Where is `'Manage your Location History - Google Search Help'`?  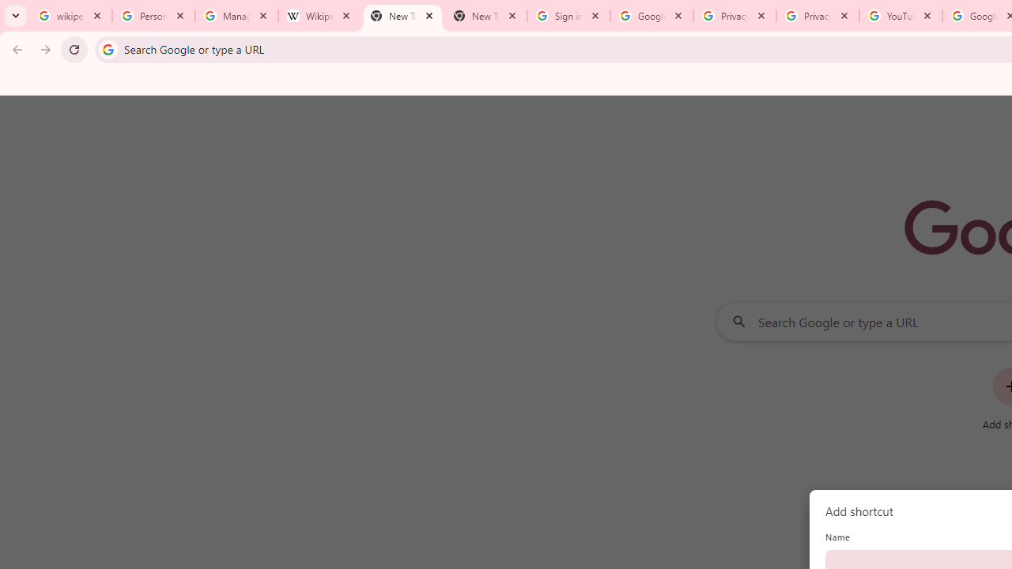
'Manage your Location History - Google Search Help' is located at coordinates (236, 16).